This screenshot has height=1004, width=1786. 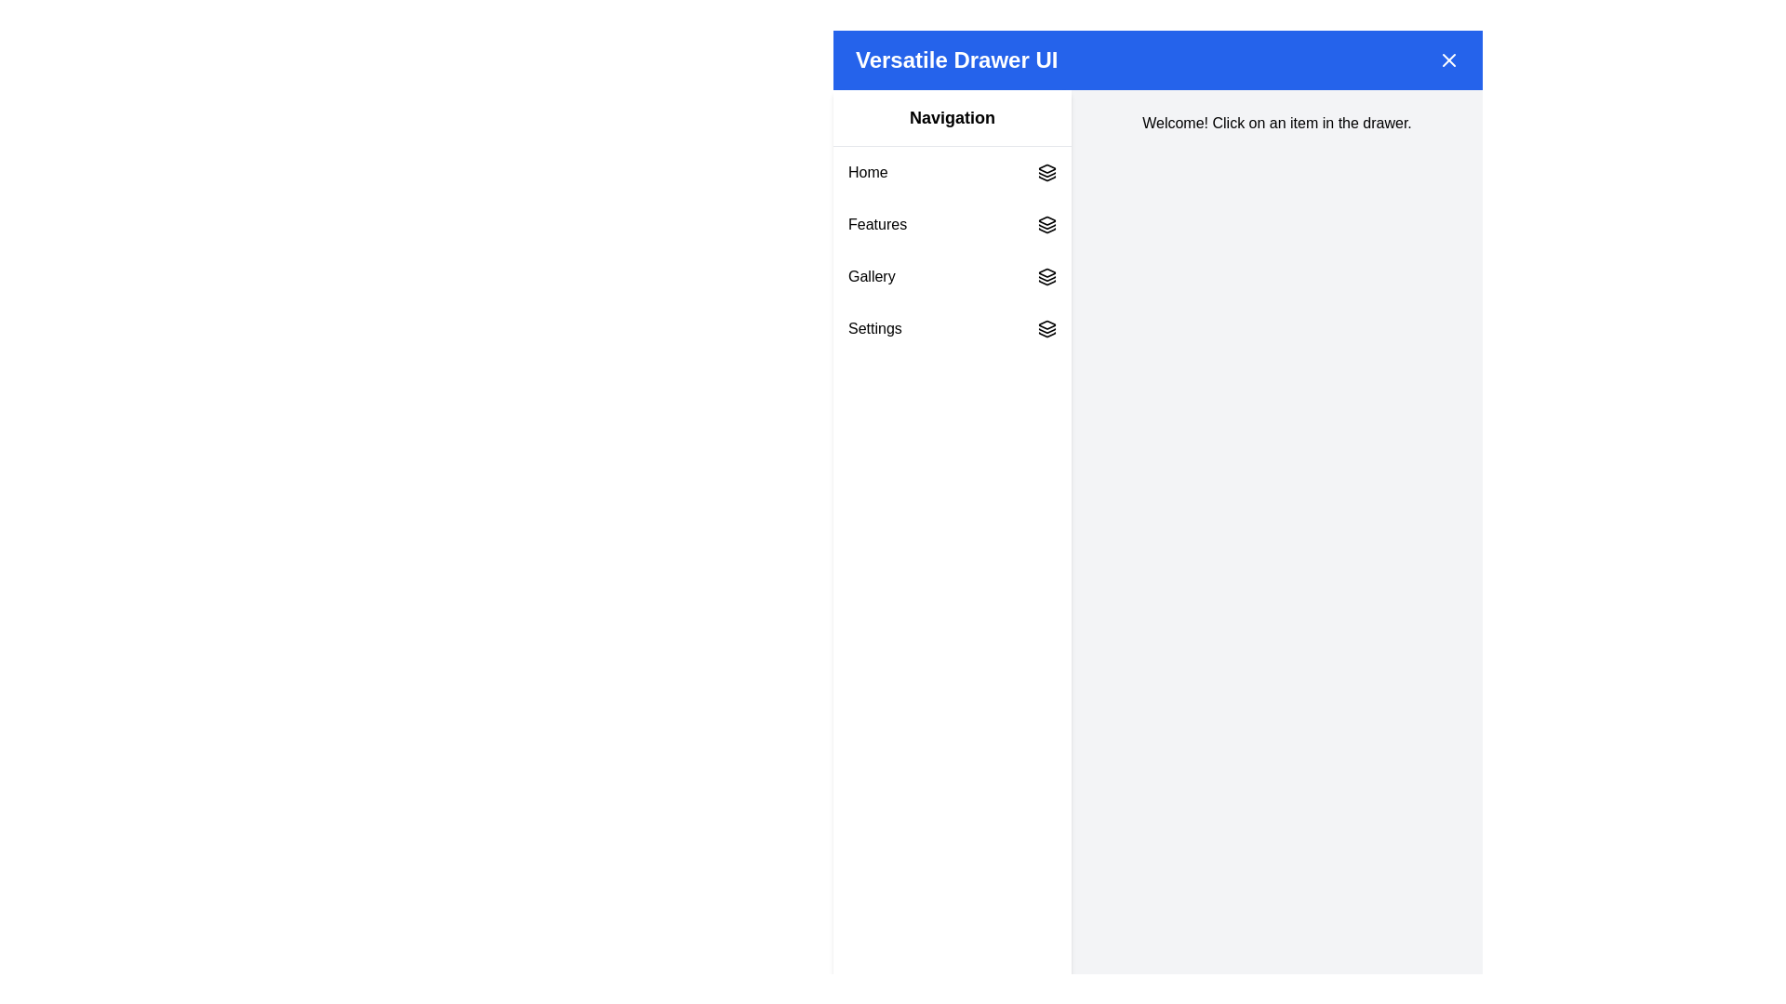 I want to click on the visual representation of the 'Gallery' icon located in the navigation menu, positioned to the right of the 'Gallery' text label, so click(x=1047, y=276).